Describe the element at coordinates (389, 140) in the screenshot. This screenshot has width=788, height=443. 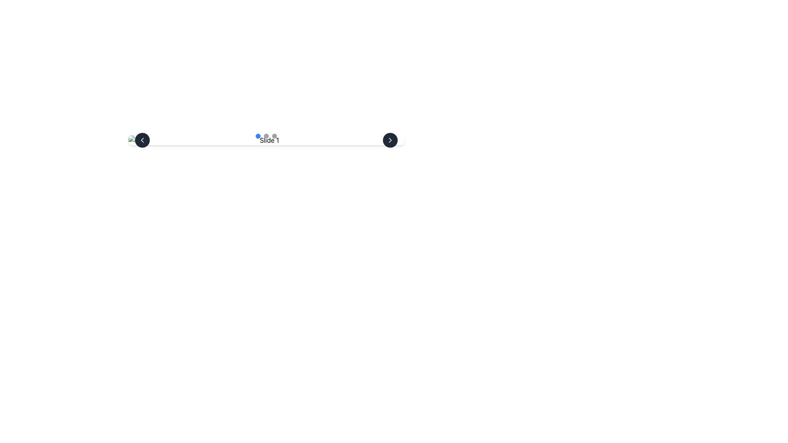
I see `the SVG arrow icon within the circular button located at the far-right position of the horizontal navigation bar` at that location.